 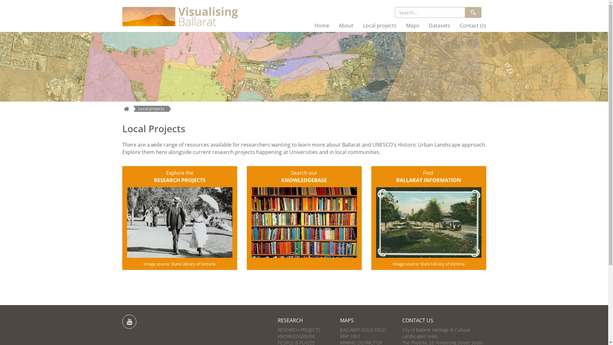 What do you see at coordinates (179, 176) in the screenshot?
I see `'Explore the` at bounding box center [179, 176].